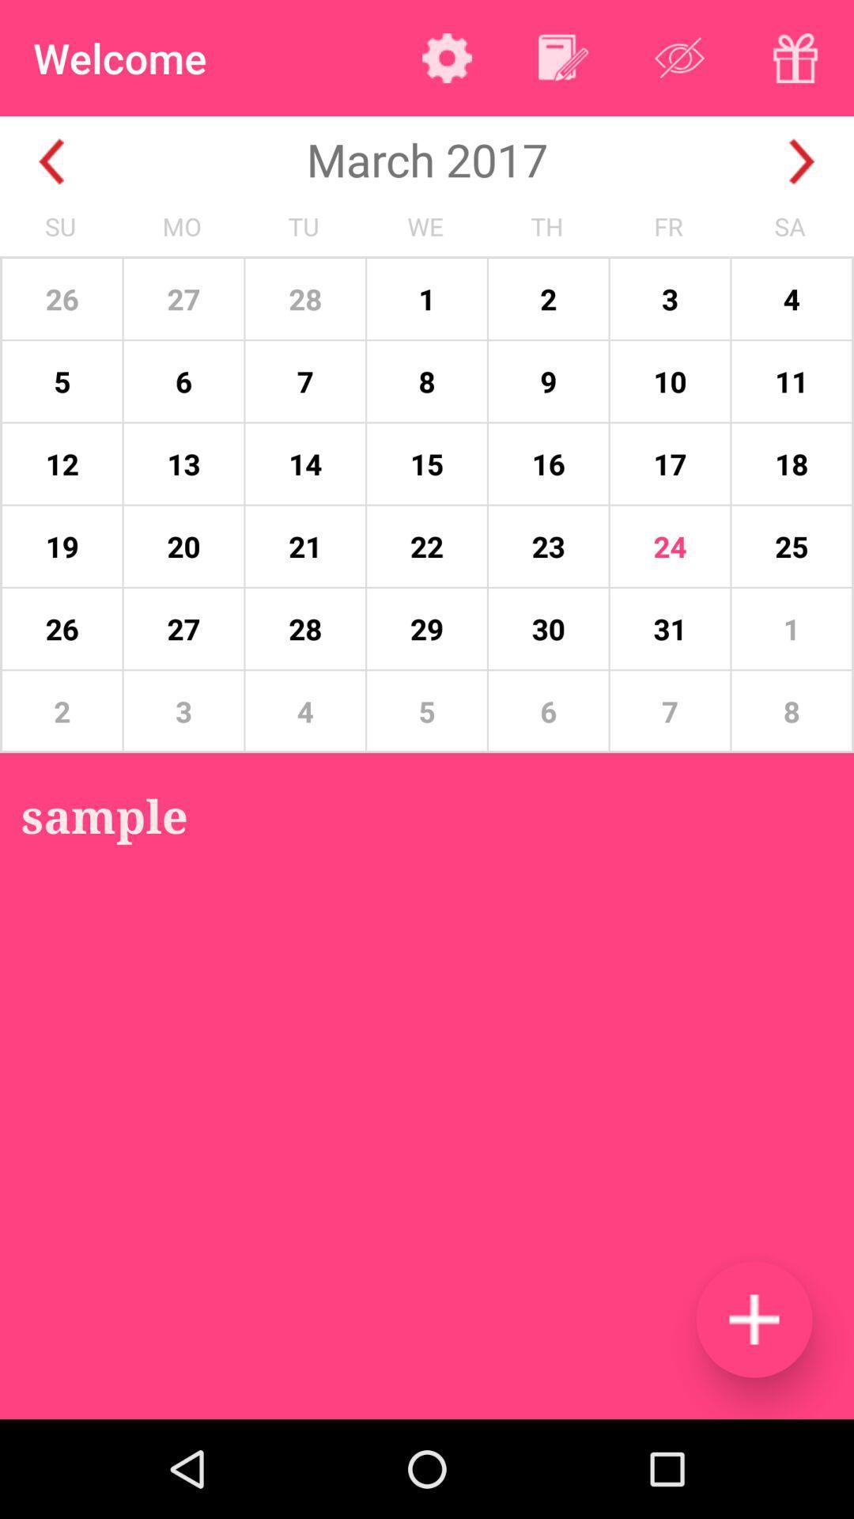  What do you see at coordinates (678, 58) in the screenshot?
I see `viewing option` at bounding box center [678, 58].